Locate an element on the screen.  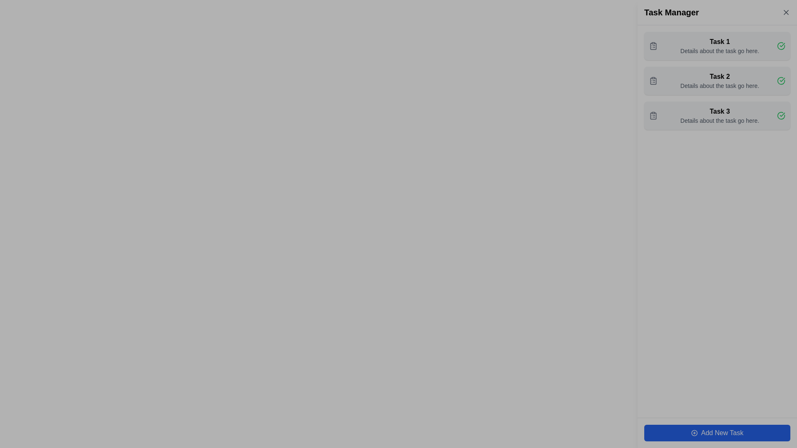
the static text label displaying 'Details about the task go here.' located beneath the bold heading 'Task 2' in the task manager interface is located at coordinates (719, 86).